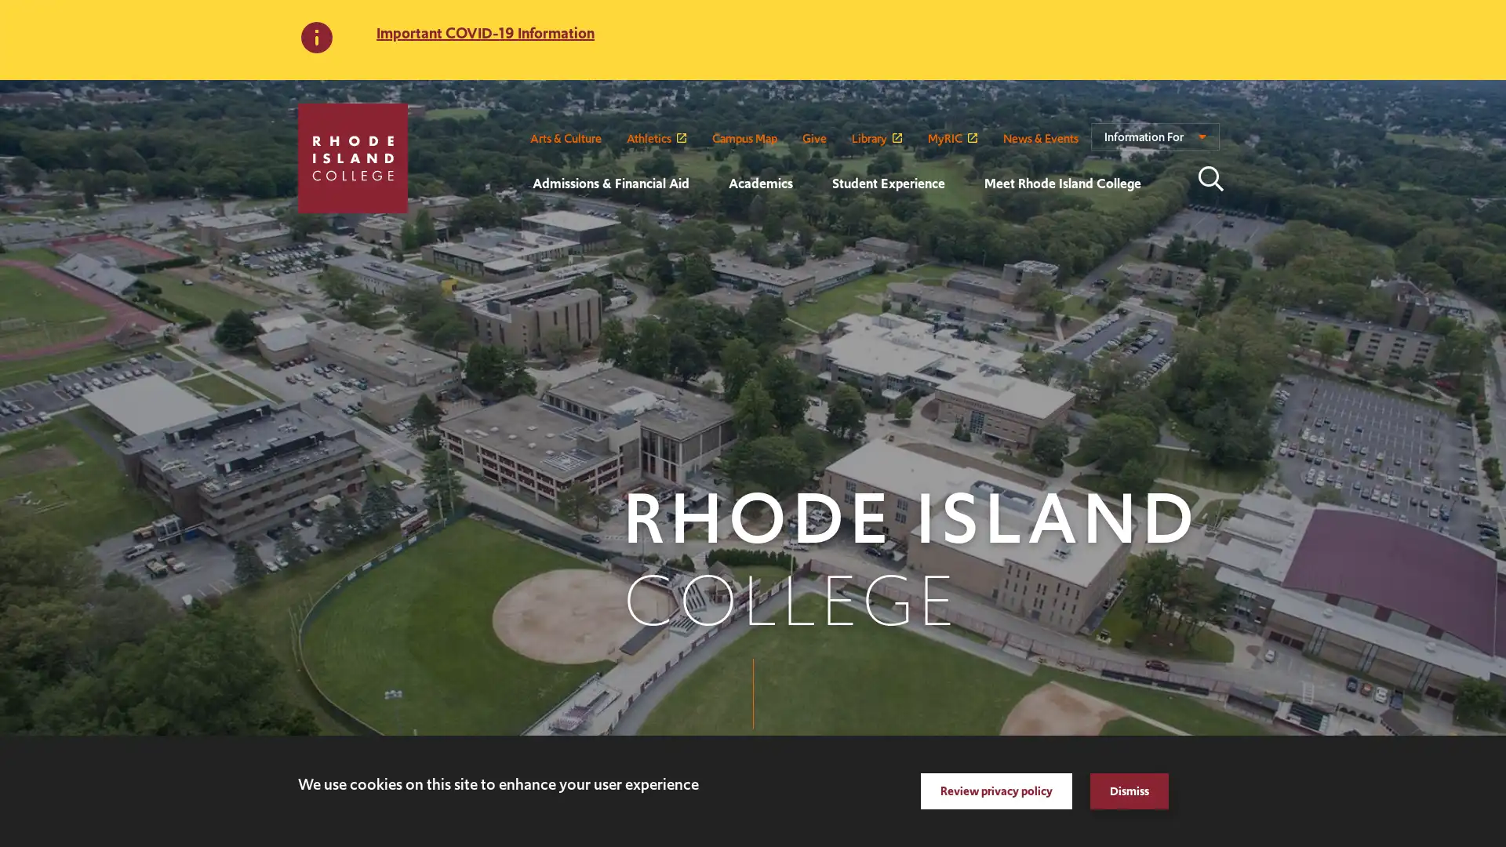 The width and height of the screenshot is (1506, 847). What do you see at coordinates (1155, 143) in the screenshot?
I see `Open the Information For menu` at bounding box center [1155, 143].